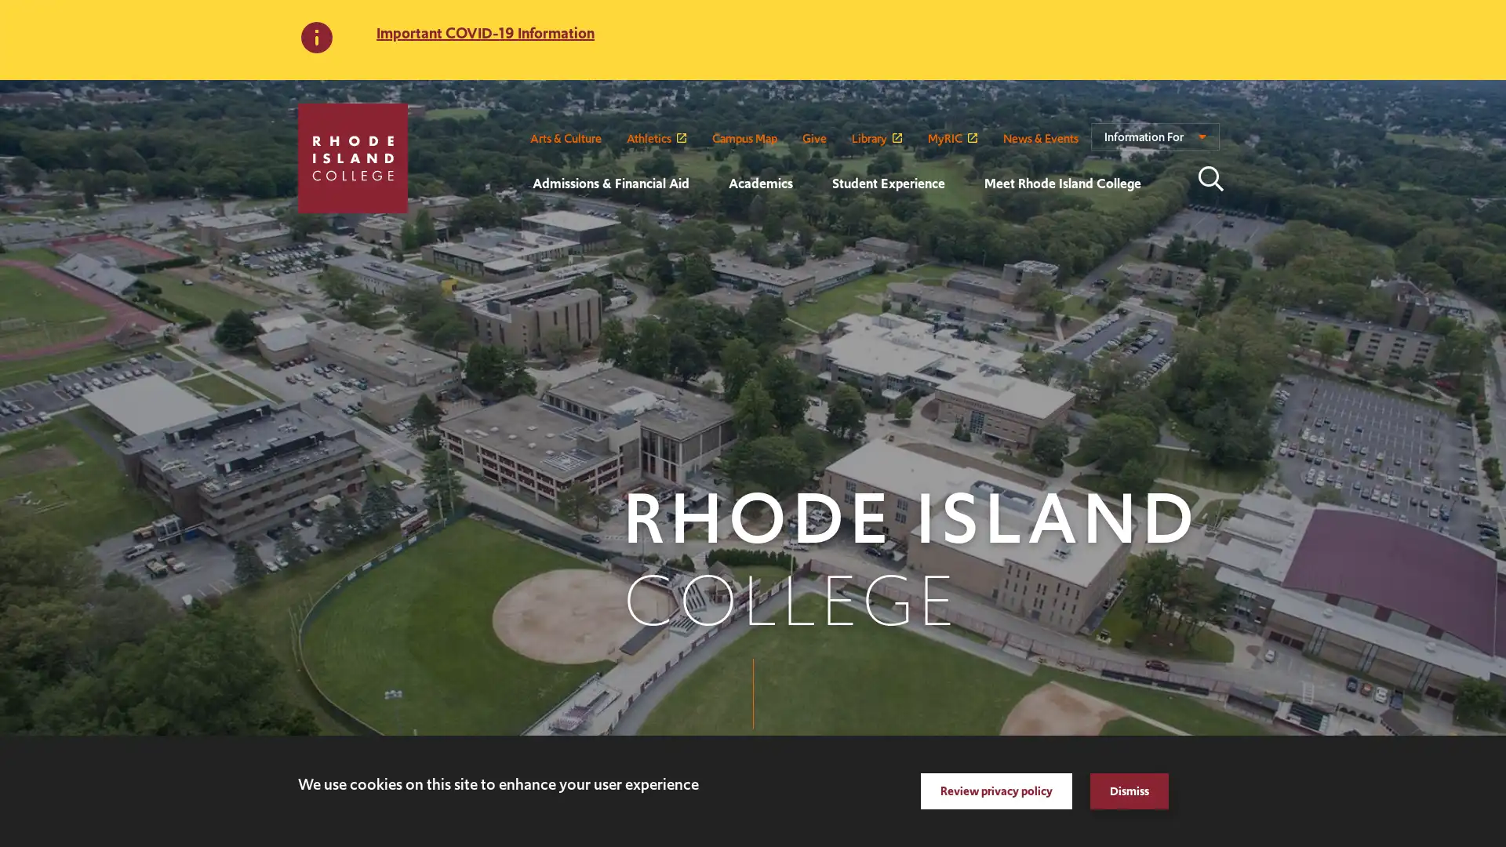 The width and height of the screenshot is (1506, 847). What do you see at coordinates (1155, 143) in the screenshot?
I see `Open the Information For menu` at bounding box center [1155, 143].